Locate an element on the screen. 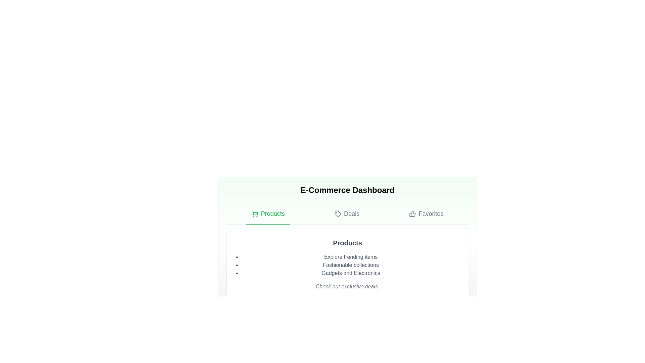  the navigation bar located below the 'E-Commerce Dashboard' header and above the 'Products' section to enable keyboard navigation is located at coordinates (347, 214).